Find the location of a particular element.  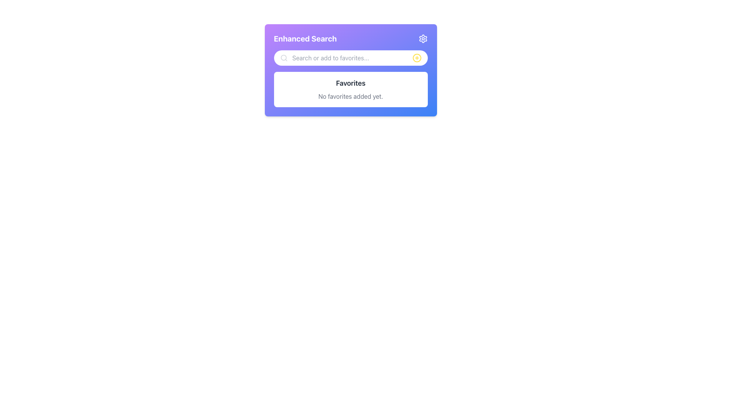

the static text element displaying 'Favorites' which is centrally aligned and located above the text 'No favorites added yet.' is located at coordinates (350, 83).